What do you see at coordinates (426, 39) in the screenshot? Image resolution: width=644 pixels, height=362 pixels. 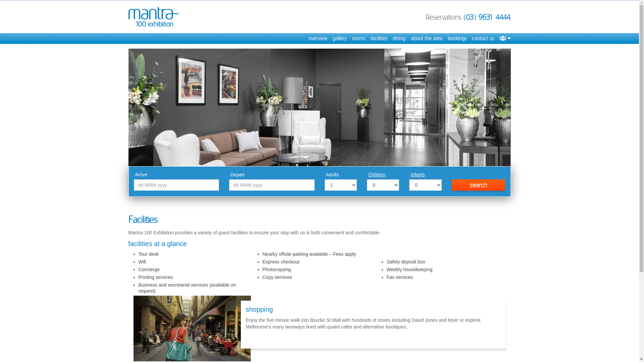 I see `'about the area'` at bounding box center [426, 39].